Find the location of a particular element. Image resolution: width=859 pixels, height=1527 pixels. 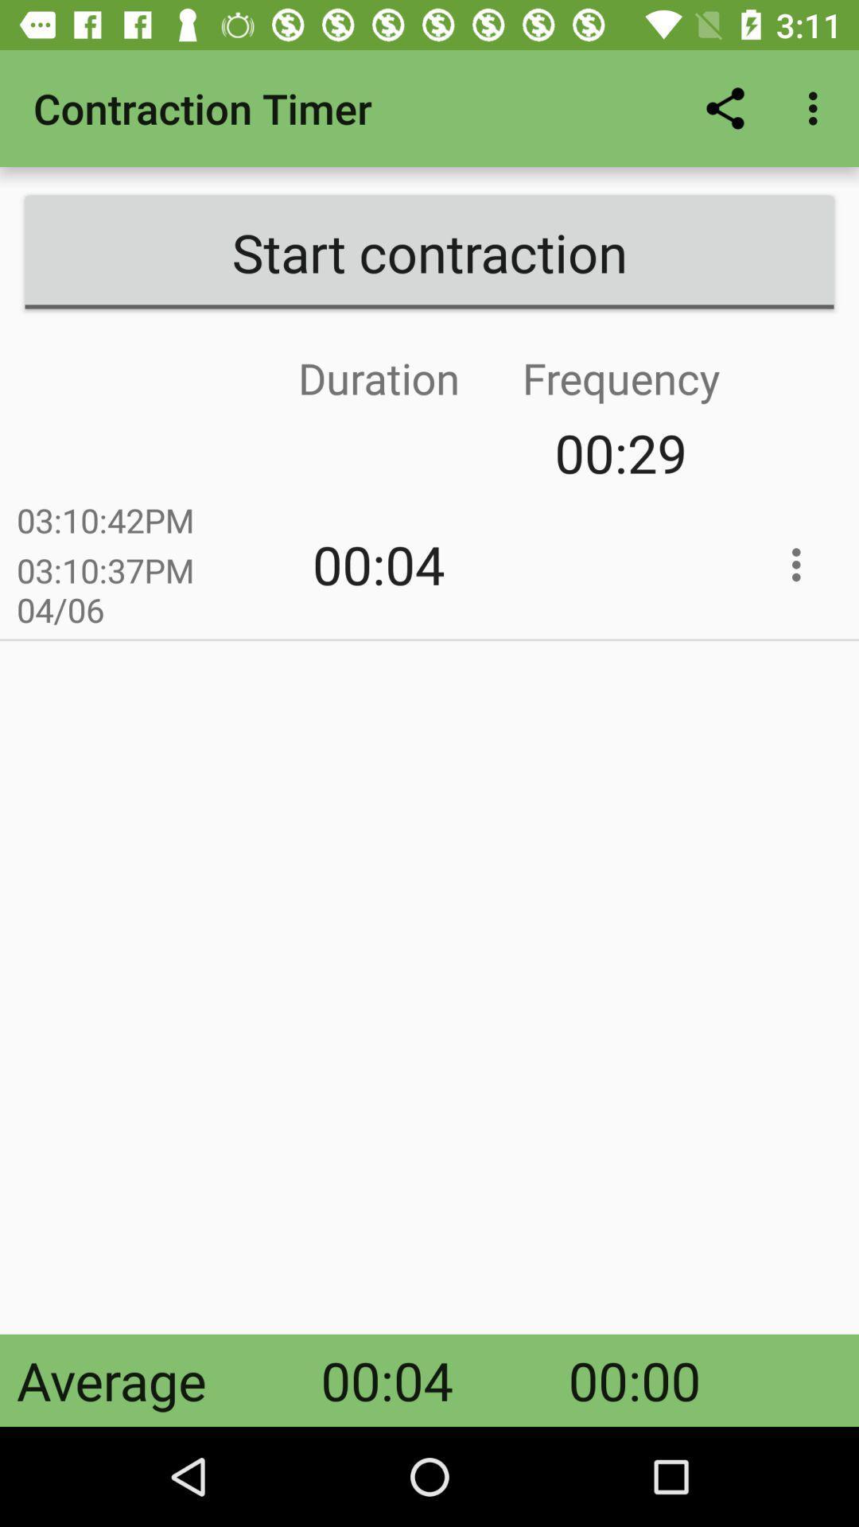

item above the 03:10:42pm app is located at coordinates (257, 452).